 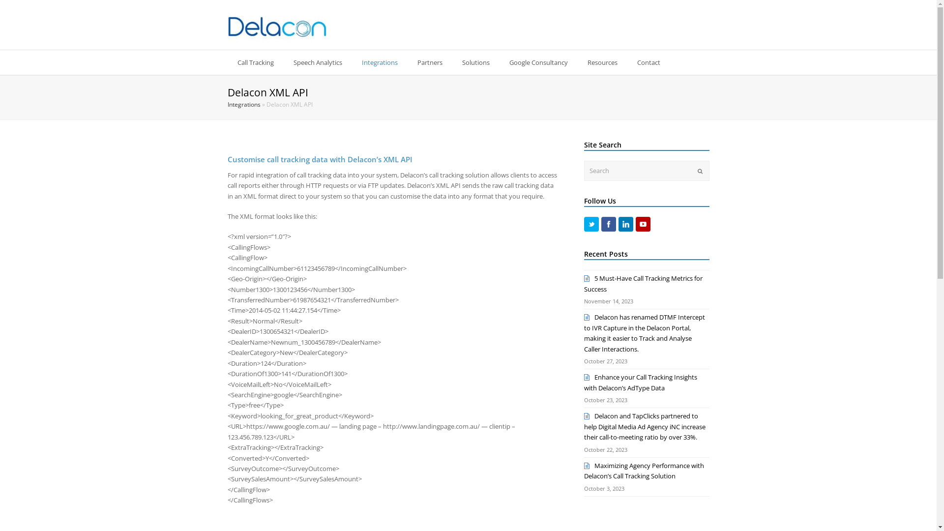 I want to click on 'Partners', so click(x=429, y=62).